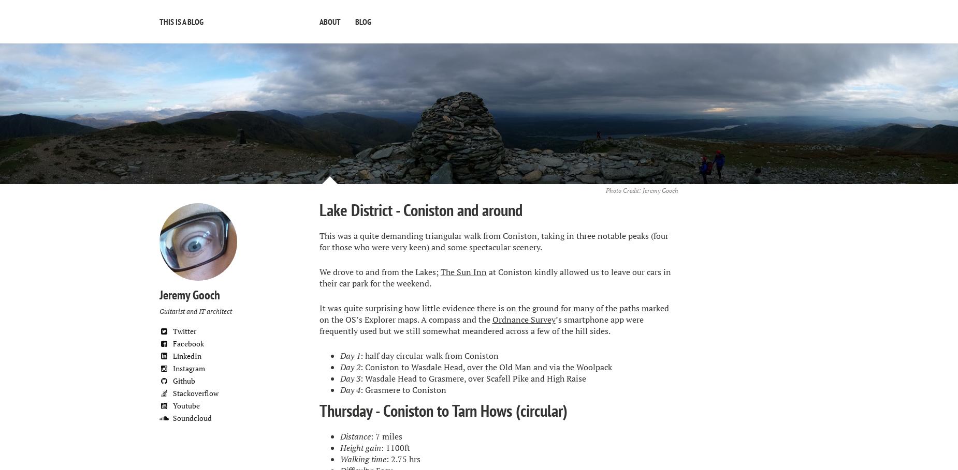 This screenshot has width=958, height=470. What do you see at coordinates (485, 367) in the screenshot?
I see `': Coniston to Wasdale Head, over the Old Man and via the Woolpack'` at bounding box center [485, 367].